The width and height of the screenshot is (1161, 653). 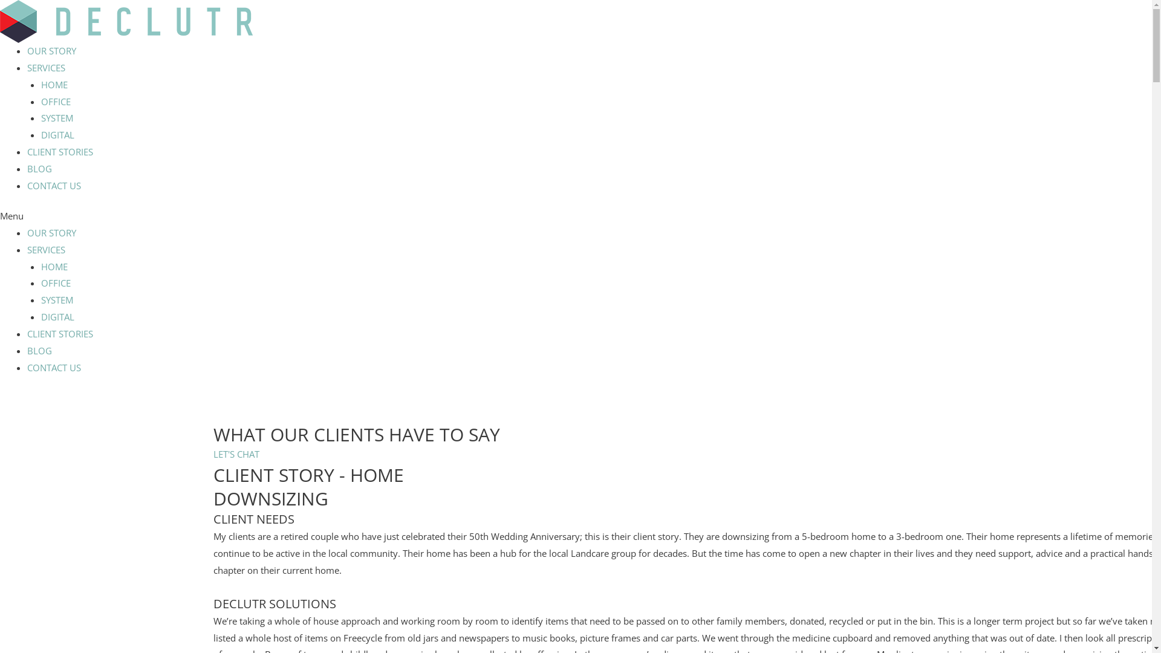 I want to click on 'HOME', so click(x=54, y=265).